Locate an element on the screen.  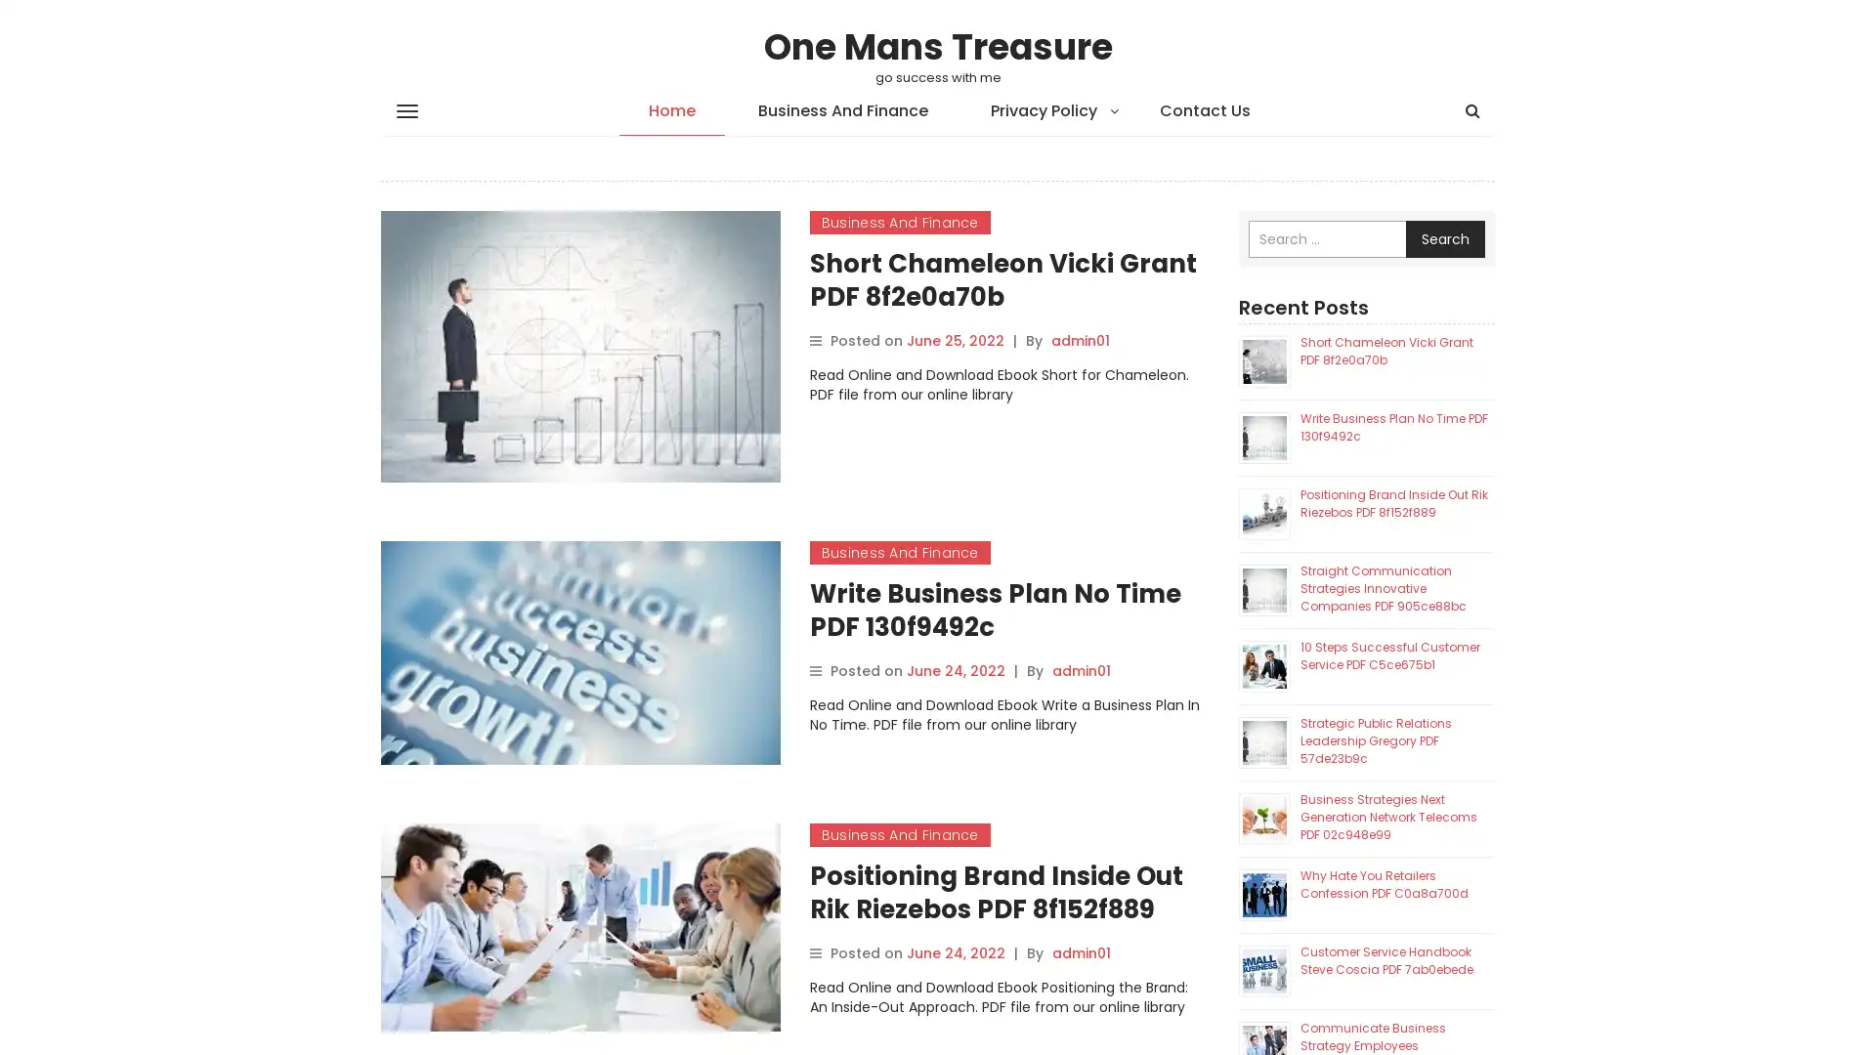
Search is located at coordinates (1445, 238).